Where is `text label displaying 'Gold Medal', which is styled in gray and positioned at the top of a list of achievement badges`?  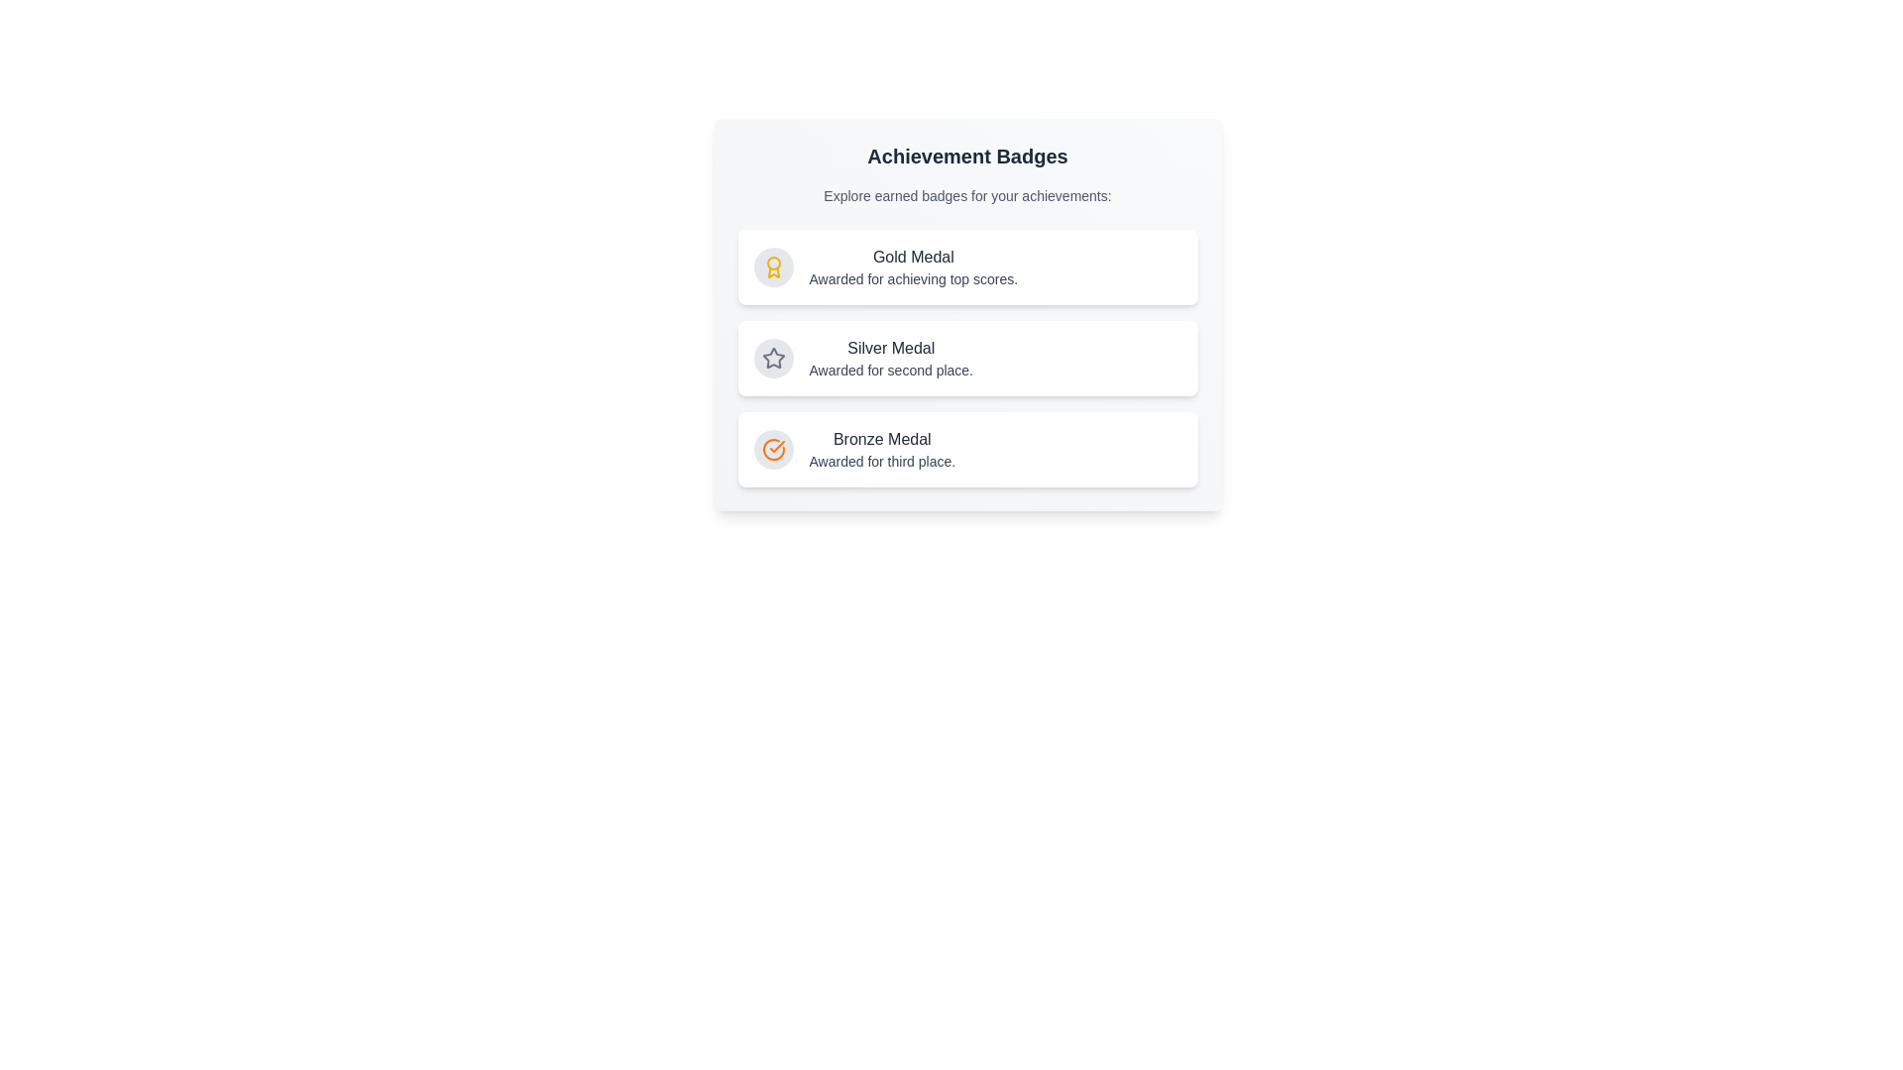 text label displaying 'Gold Medal', which is styled in gray and positioned at the top of a list of achievement badges is located at coordinates (912, 256).